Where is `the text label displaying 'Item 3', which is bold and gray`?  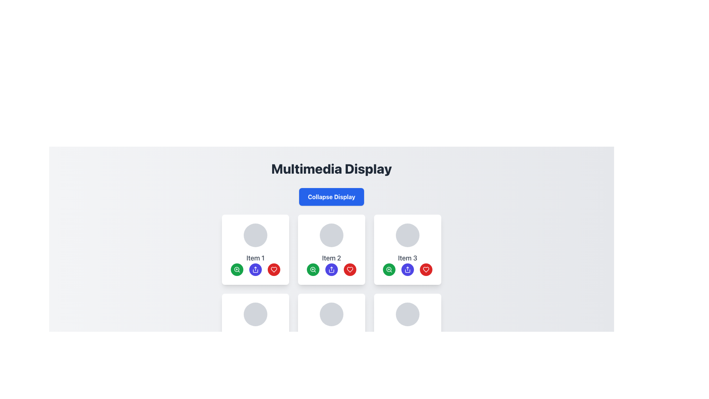
the text label displaying 'Item 3', which is bold and gray is located at coordinates (407, 258).